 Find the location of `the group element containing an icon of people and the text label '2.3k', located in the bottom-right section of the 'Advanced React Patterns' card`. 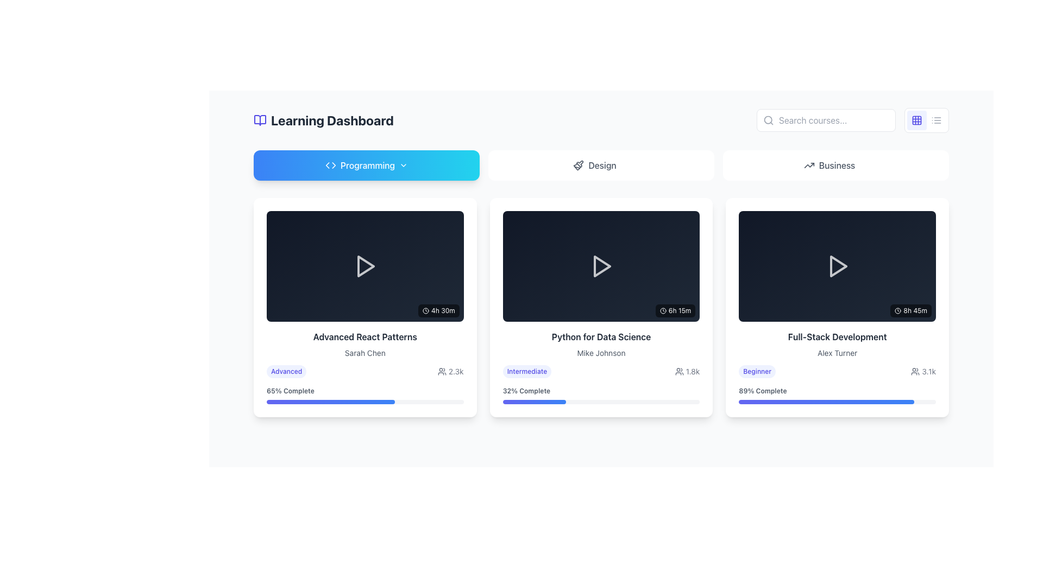

the group element containing an icon of people and the text label '2.3k', located in the bottom-right section of the 'Advanced React Patterns' card is located at coordinates (450, 371).